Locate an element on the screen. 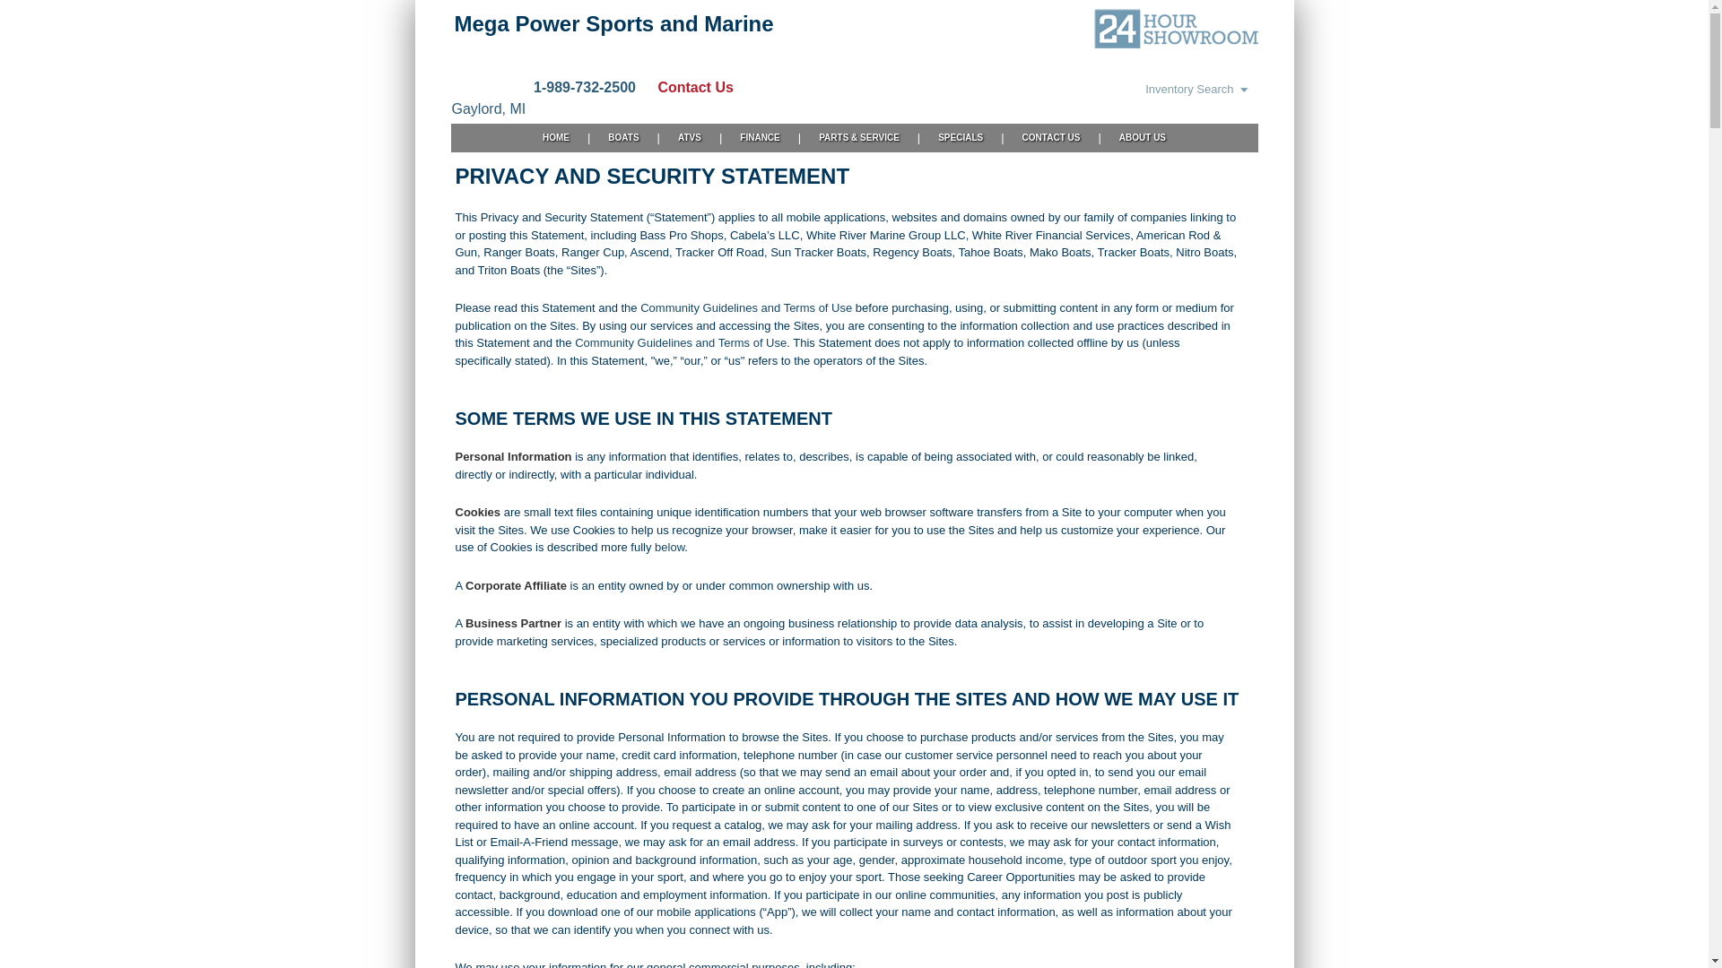 This screenshot has height=968, width=1722. 'HOME' is located at coordinates (554, 137).